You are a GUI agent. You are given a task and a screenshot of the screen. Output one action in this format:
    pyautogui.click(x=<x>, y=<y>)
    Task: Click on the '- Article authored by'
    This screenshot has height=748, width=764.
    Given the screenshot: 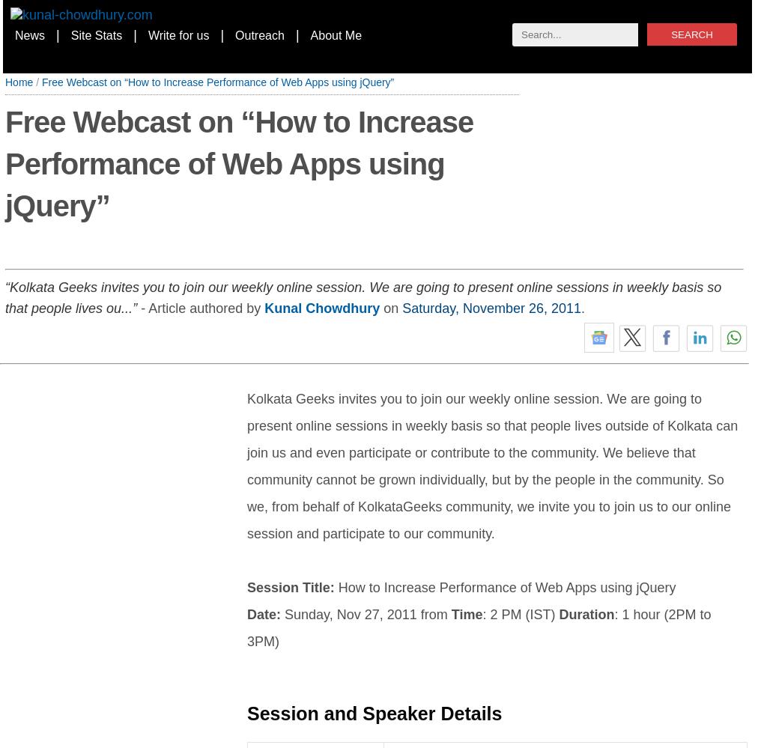 What is the action you would take?
    pyautogui.click(x=199, y=307)
    